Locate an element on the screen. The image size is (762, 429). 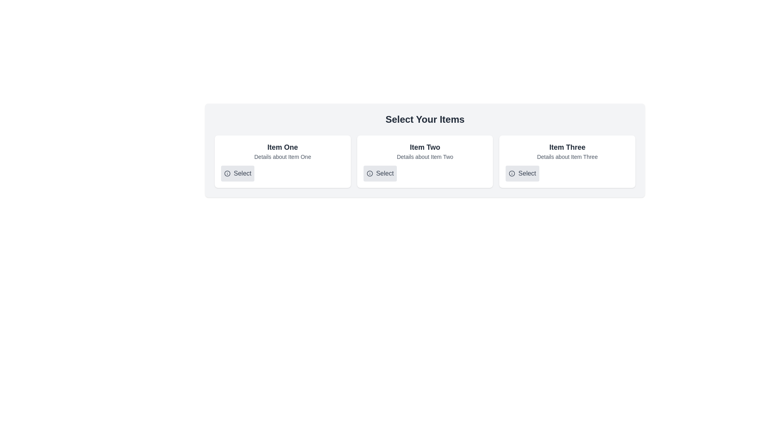
the button labeled 'Item Three' is located at coordinates (522, 173).